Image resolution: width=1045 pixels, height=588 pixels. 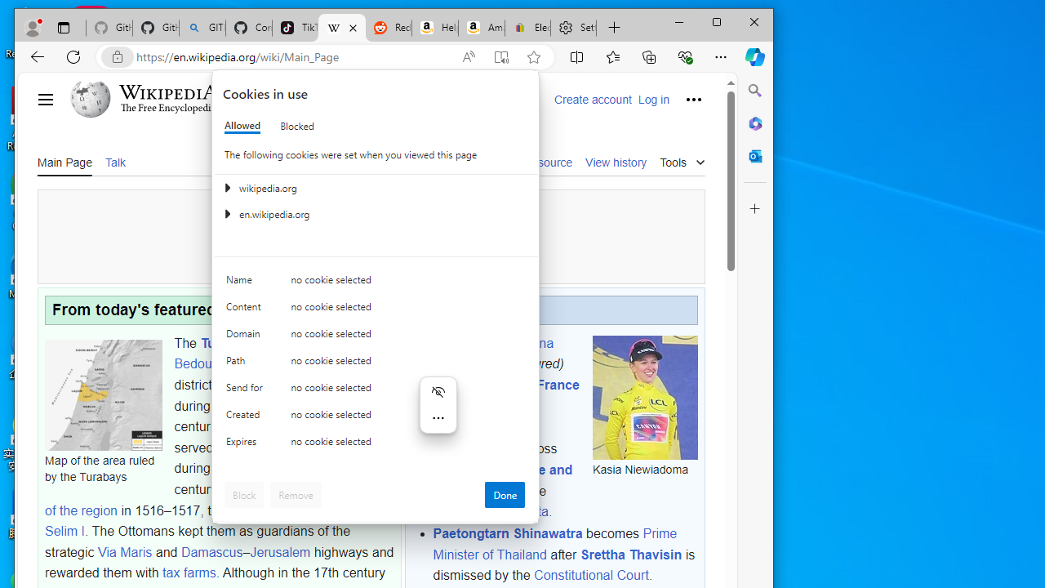 I want to click on 'Path', so click(x=246, y=363).